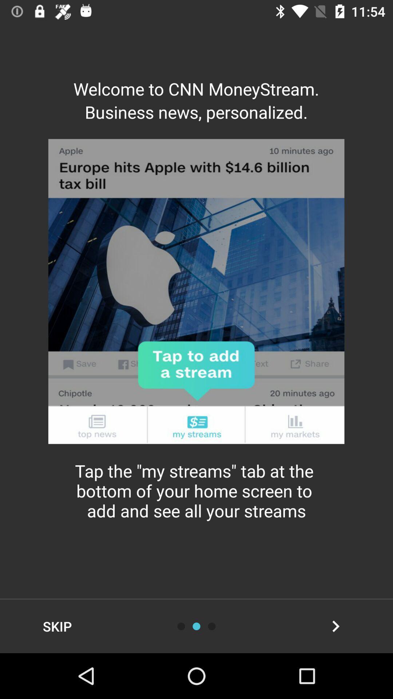 This screenshot has width=393, height=699. I want to click on item at the bottom right corner, so click(336, 626).